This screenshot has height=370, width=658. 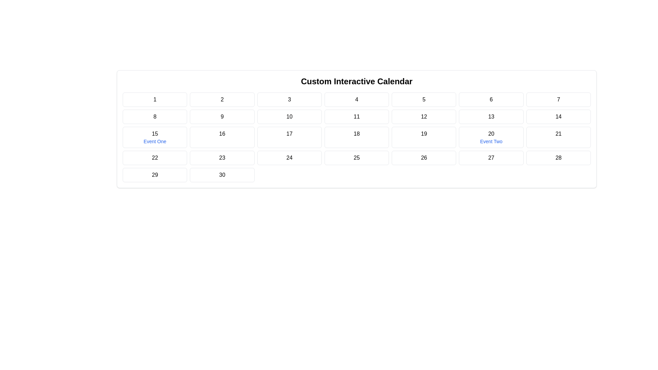 I want to click on the selectable day button located in the second row and fourth column of the interactive calendar grid, so click(x=356, y=116).